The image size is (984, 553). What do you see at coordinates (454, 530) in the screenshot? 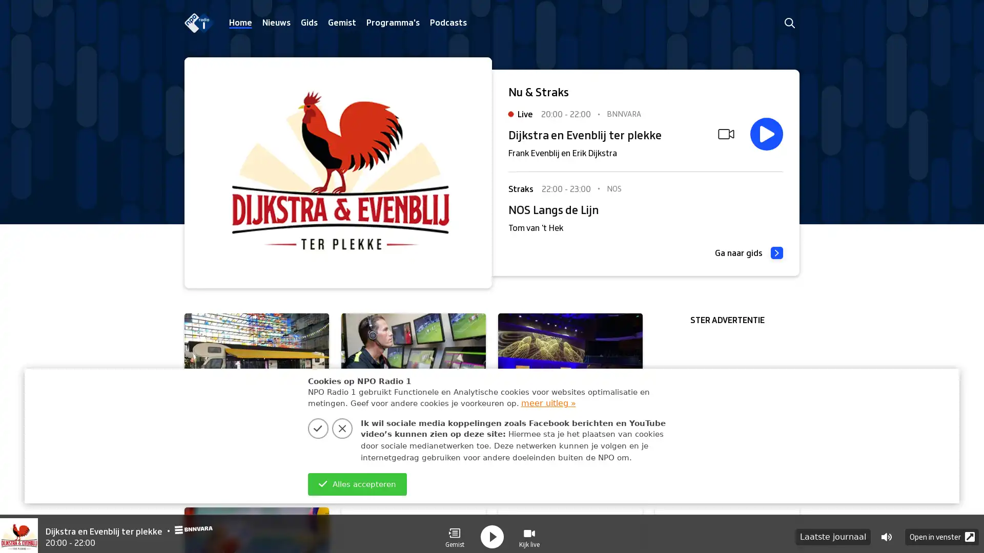
I see `Gemist Gemist` at bounding box center [454, 530].